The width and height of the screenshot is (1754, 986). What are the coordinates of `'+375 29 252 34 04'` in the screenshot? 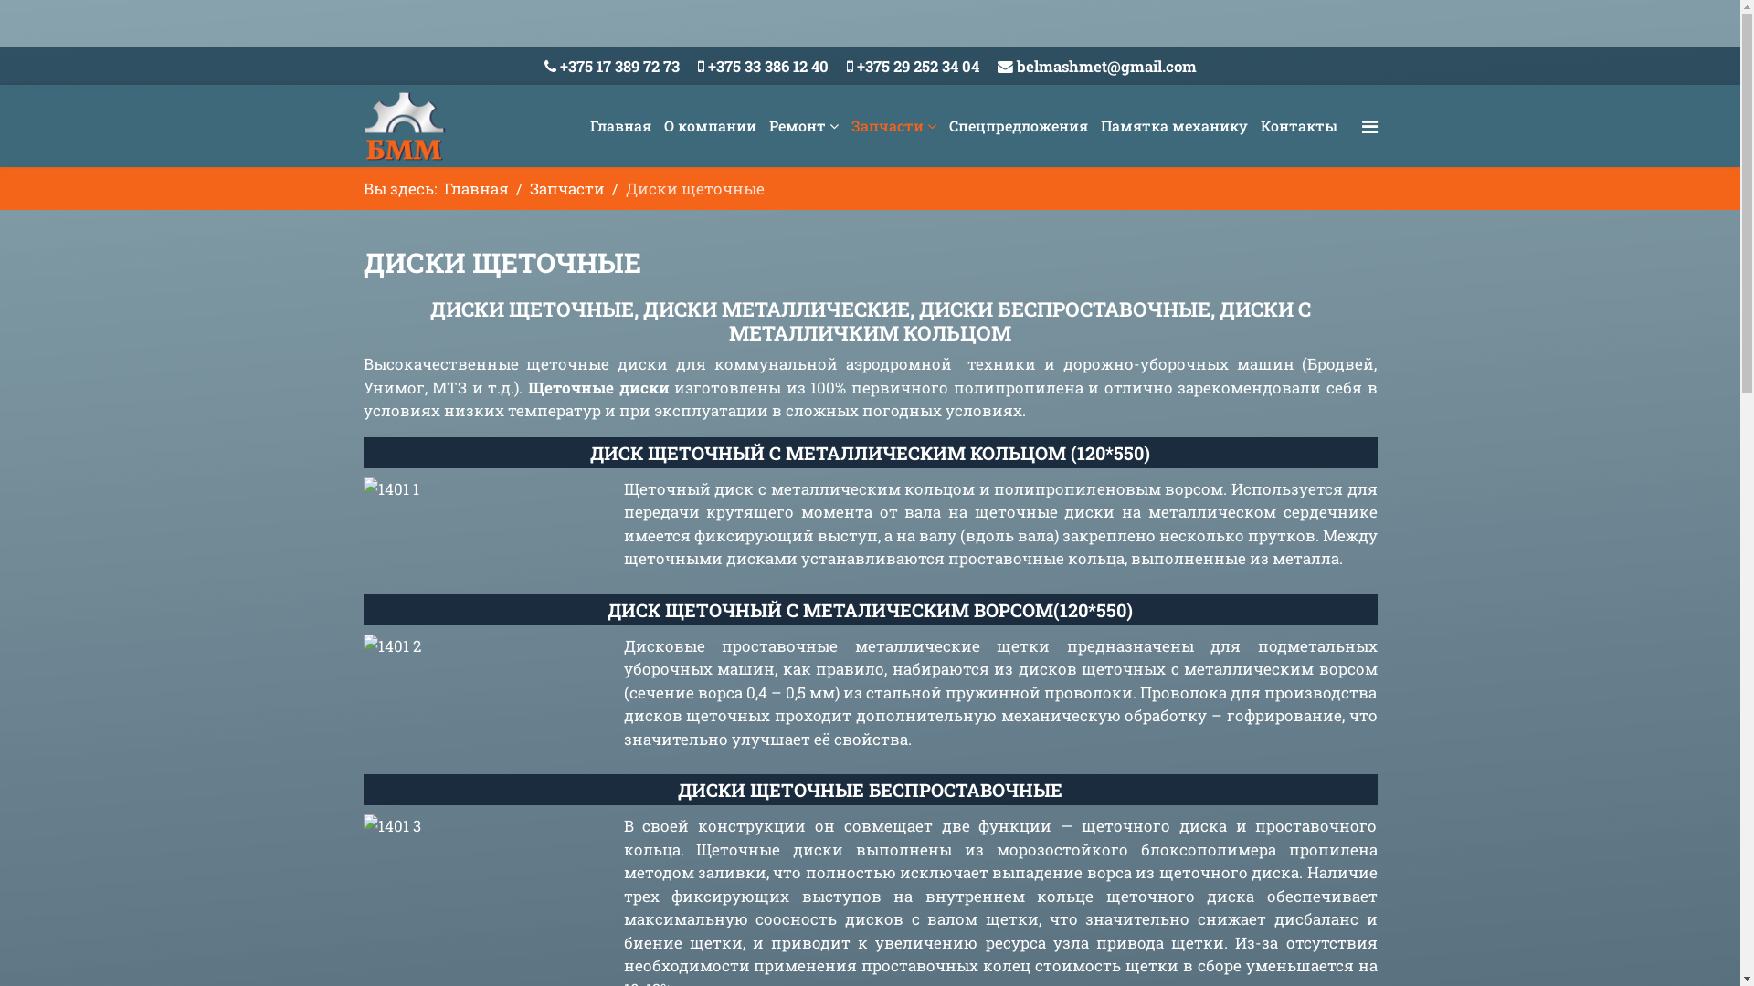 It's located at (917, 65).